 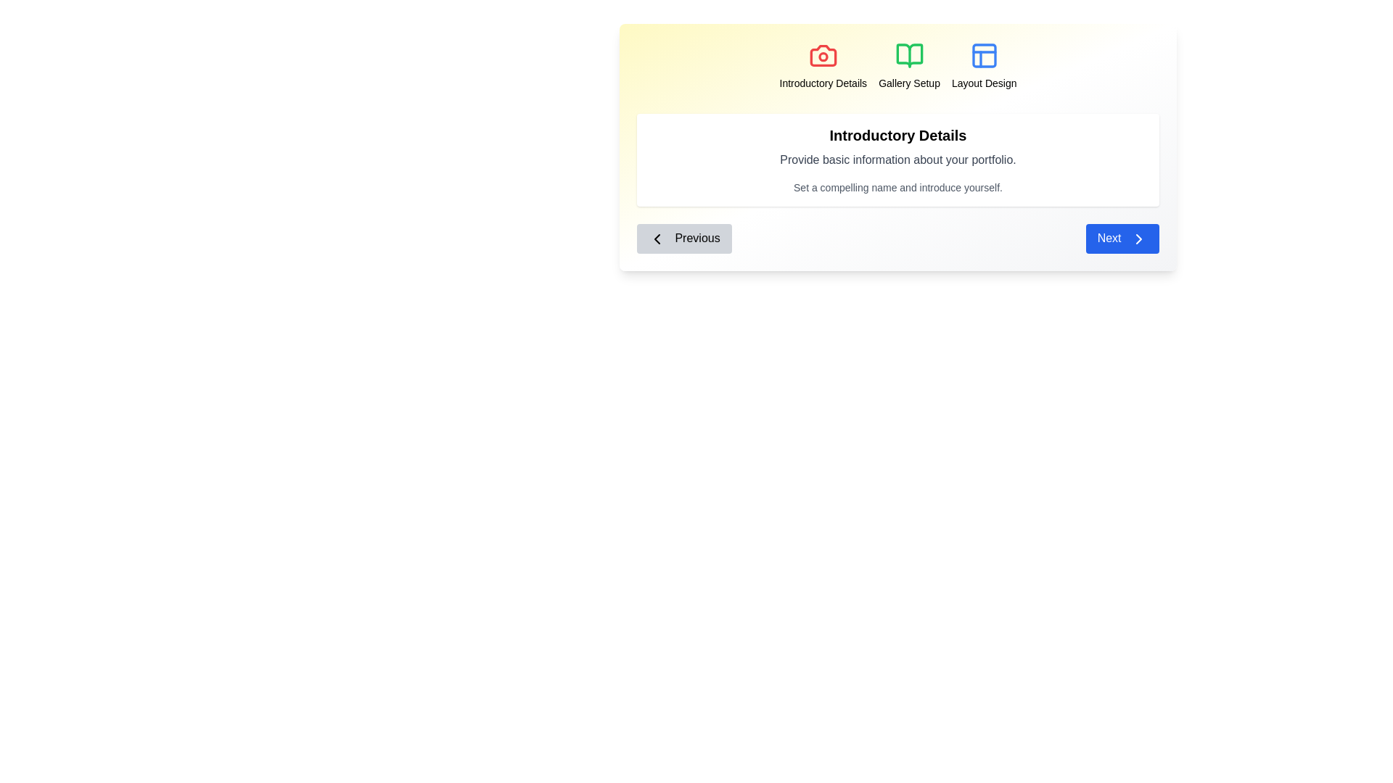 I want to click on the 'Introductory Details' text label, which is located directly below the red camera icon in the structured navigation UI, so click(x=823, y=83).